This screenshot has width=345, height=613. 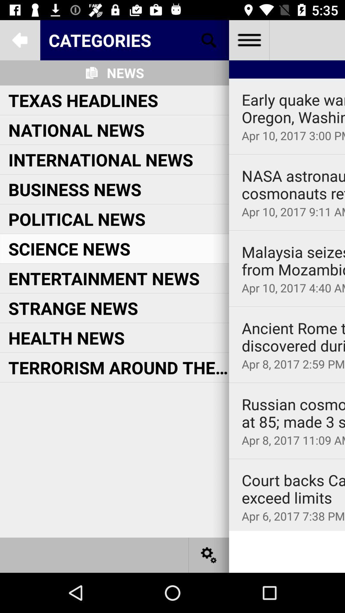 I want to click on previous, so click(x=19, y=40).